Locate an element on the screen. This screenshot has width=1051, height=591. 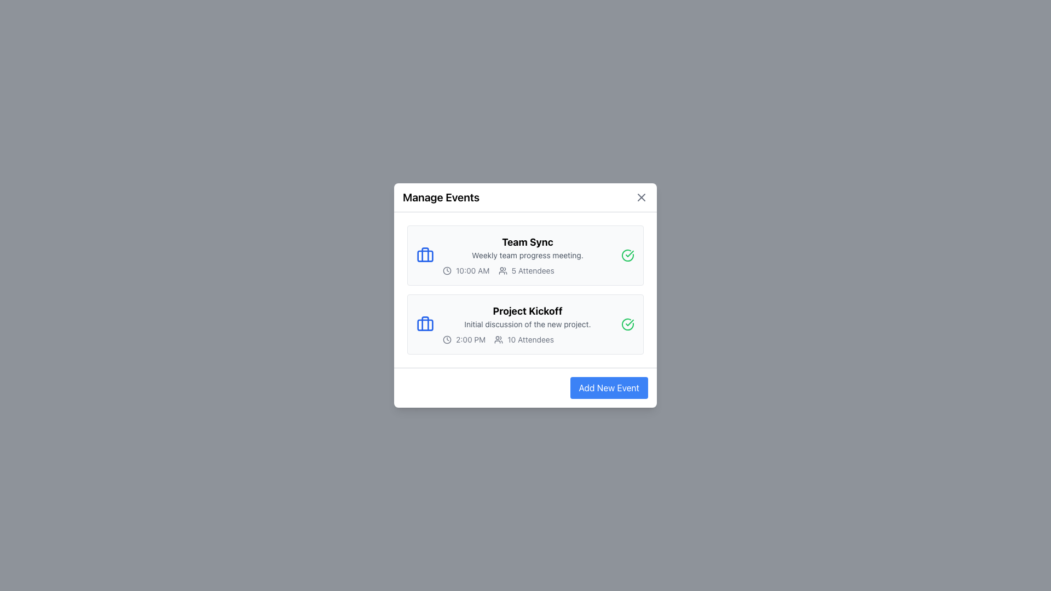
the green circle icon with a checkmark located at the top right of the 'Team Sync' event card in the 'Manage Events' modal is located at coordinates (628, 255).